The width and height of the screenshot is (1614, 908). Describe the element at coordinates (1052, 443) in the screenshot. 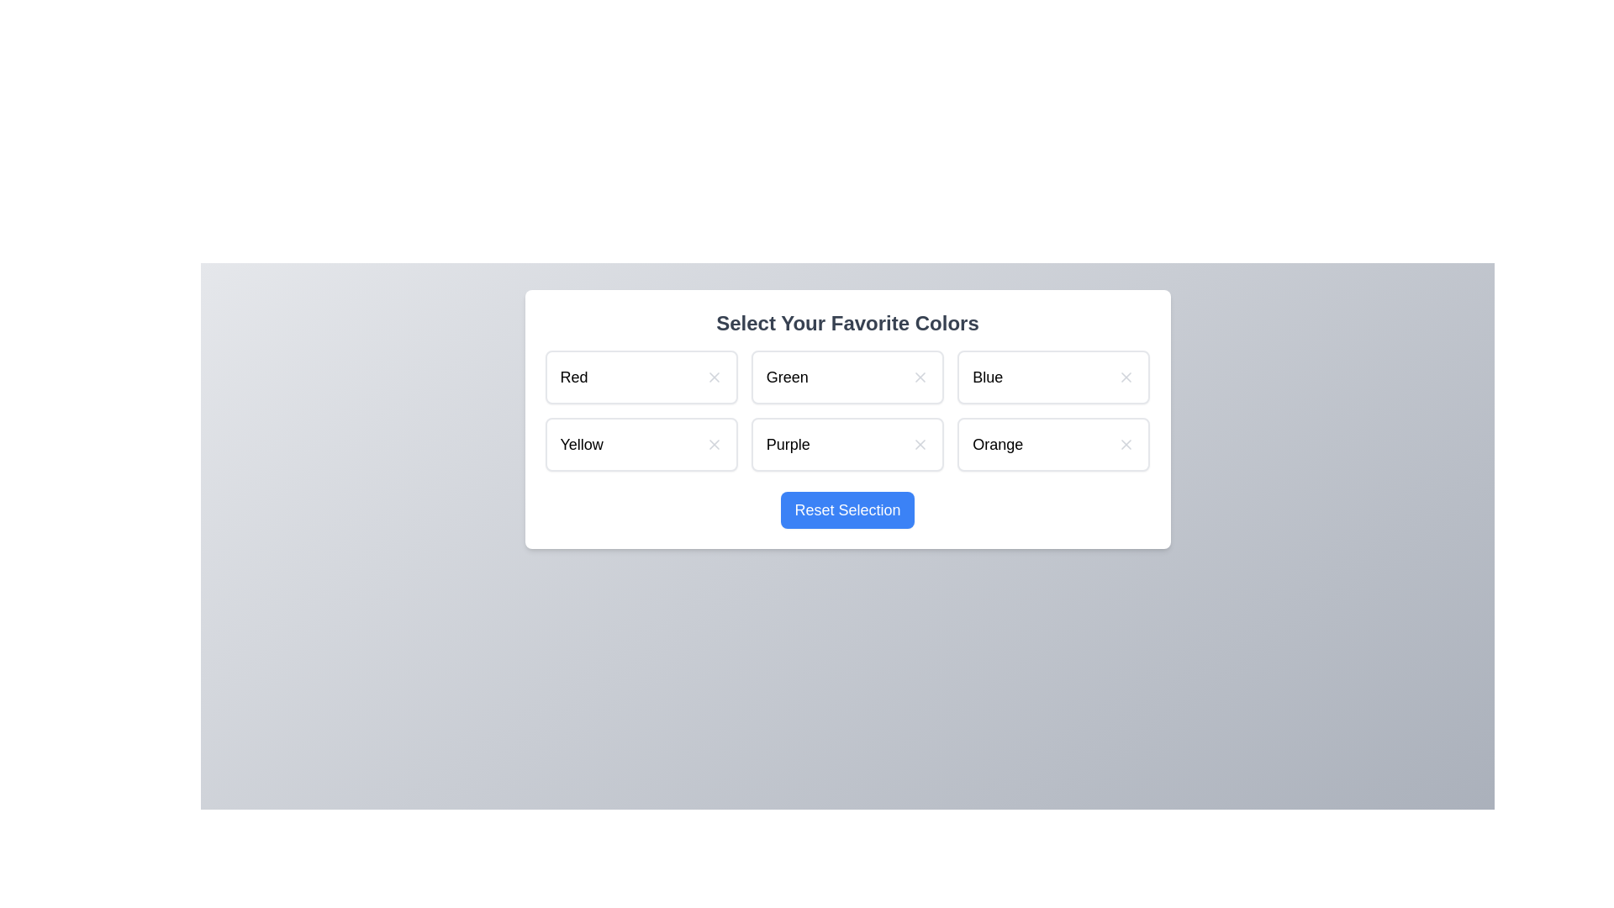

I see `the color item Orange to observe its hover effect` at that location.